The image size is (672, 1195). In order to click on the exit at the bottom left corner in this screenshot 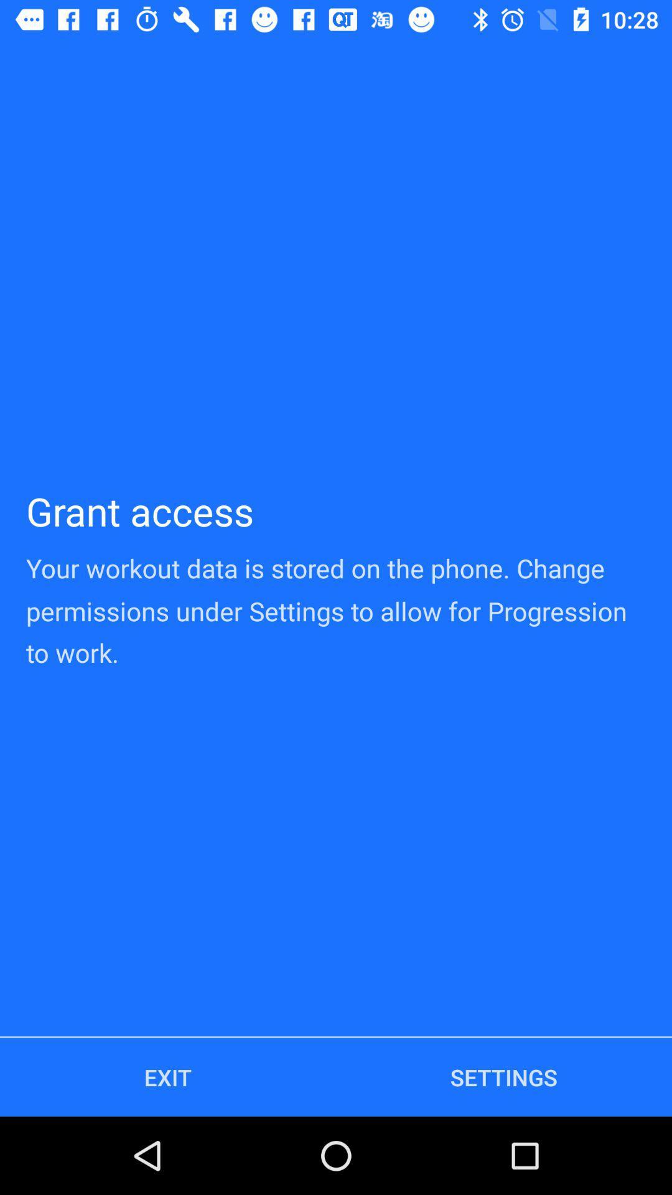, I will do `click(168, 1077)`.